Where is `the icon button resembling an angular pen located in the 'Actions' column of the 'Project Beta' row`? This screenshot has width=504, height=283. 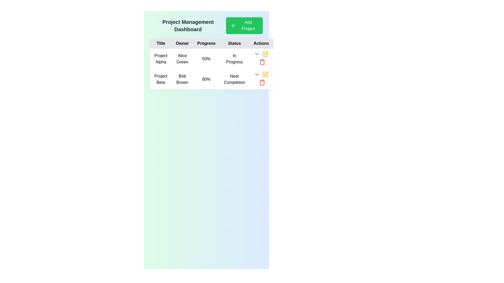 the icon button resembling an angular pen located in the 'Actions' column of the 'Project Beta' row is located at coordinates (266, 53).